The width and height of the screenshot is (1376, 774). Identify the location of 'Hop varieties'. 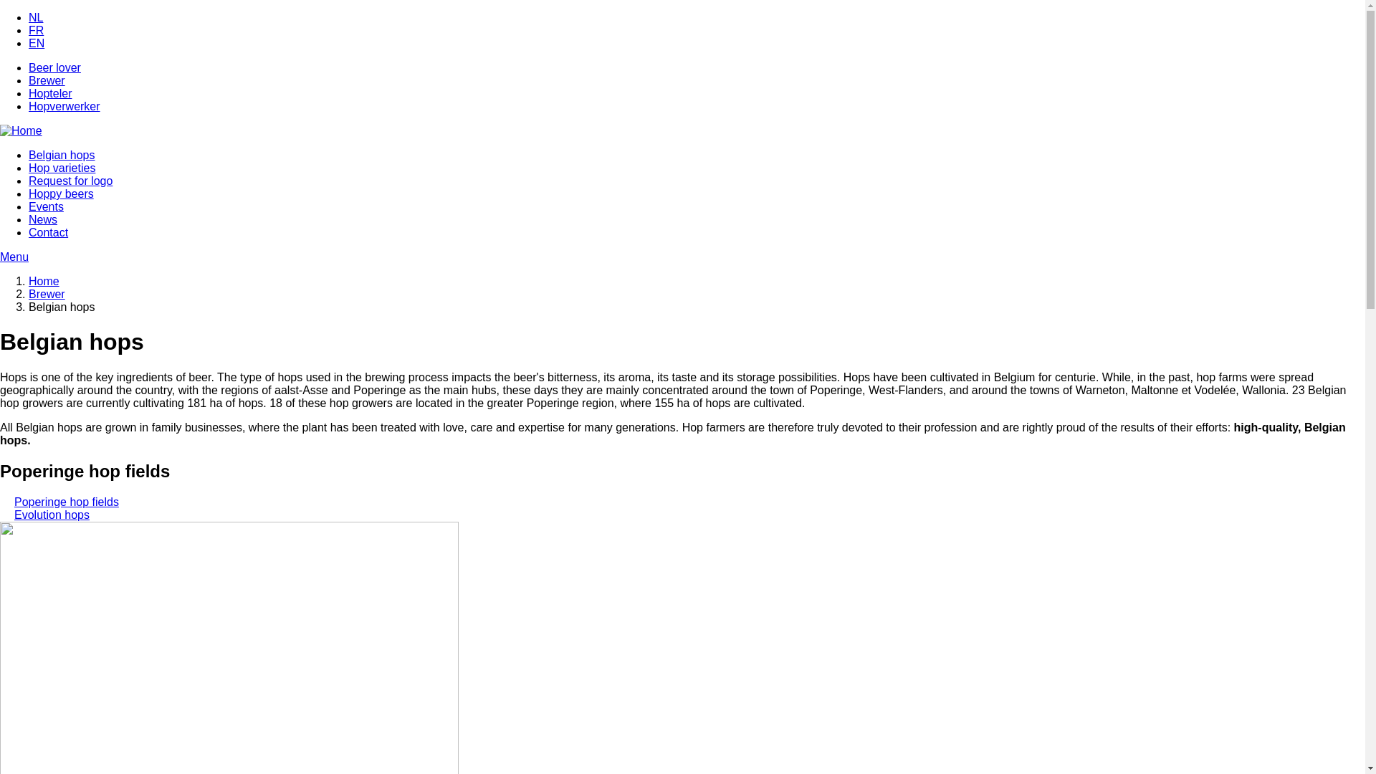
(61, 167).